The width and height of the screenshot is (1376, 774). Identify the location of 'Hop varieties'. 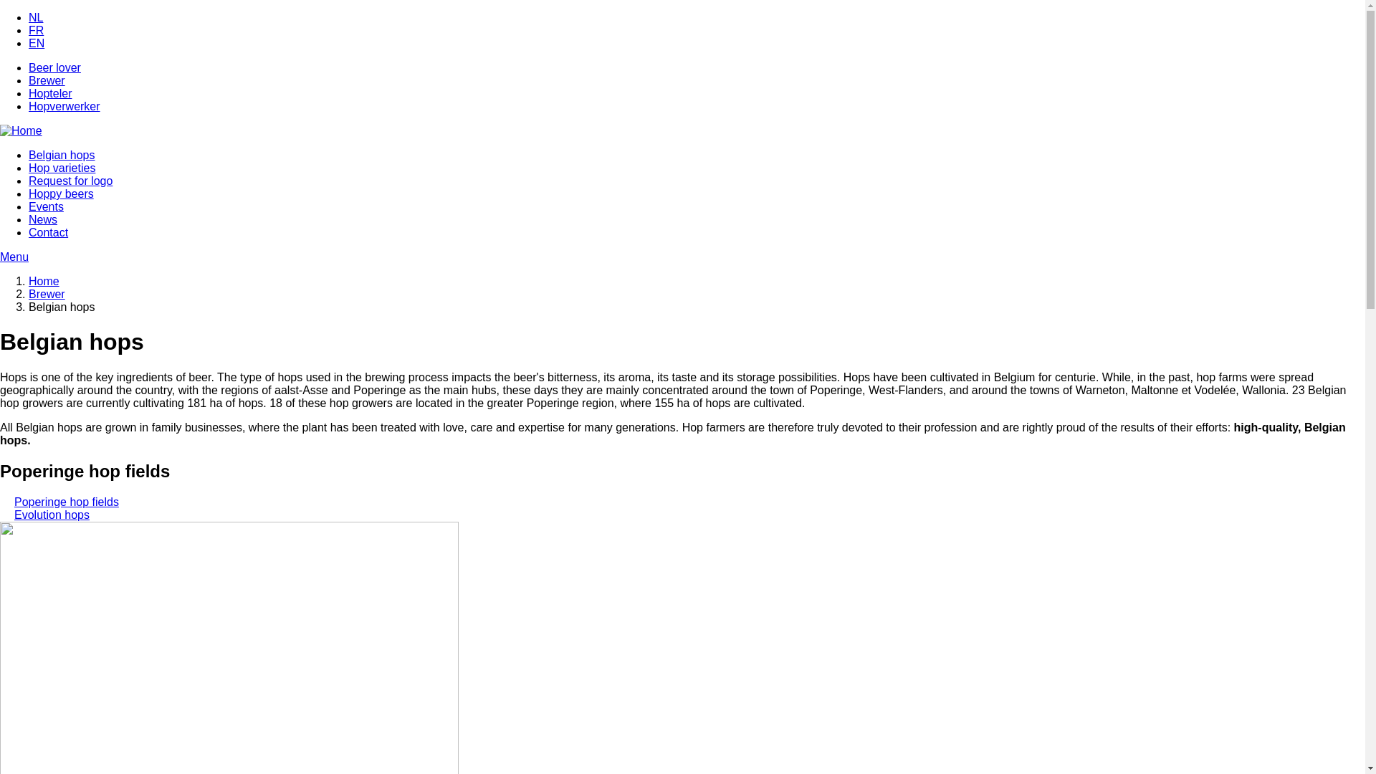
(61, 167).